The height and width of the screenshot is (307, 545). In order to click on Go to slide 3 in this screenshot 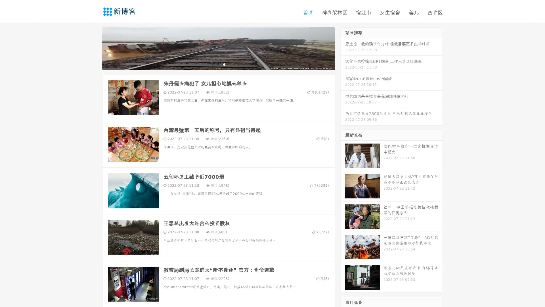, I will do `click(224, 64)`.